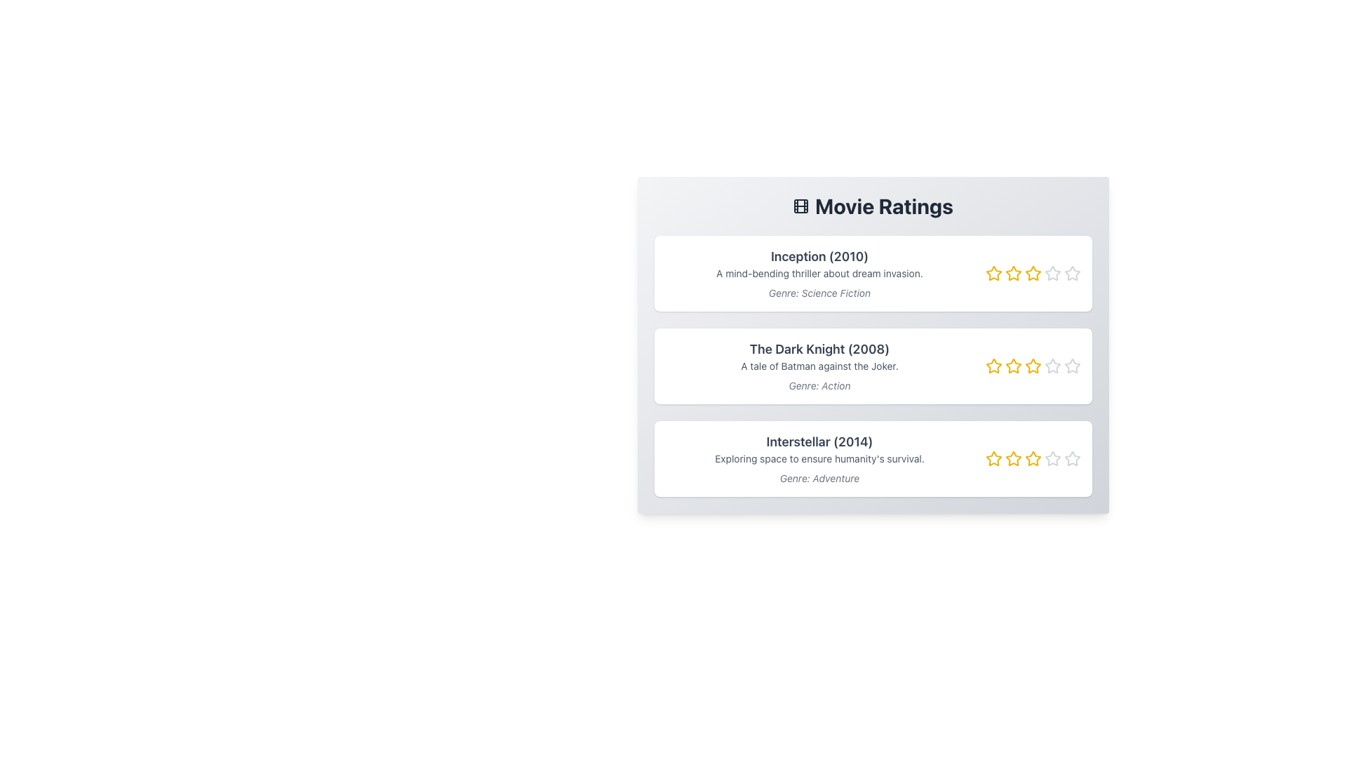 The height and width of the screenshot is (758, 1347). I want to click on the third star in the rating sequence to rate the movie 'Interstellar (2014)' with three stars, so click(1013, 459).